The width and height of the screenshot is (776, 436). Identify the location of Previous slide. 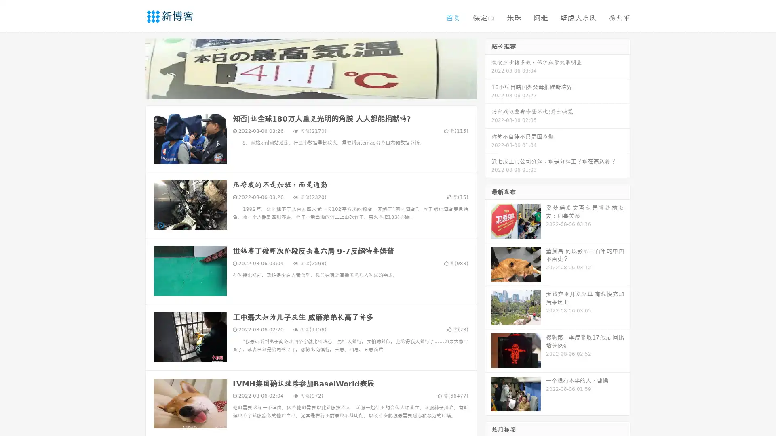
(133, 68).